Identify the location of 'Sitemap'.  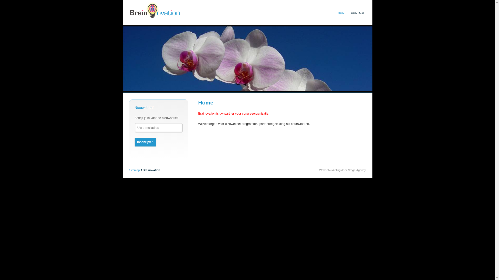
(135, 170).